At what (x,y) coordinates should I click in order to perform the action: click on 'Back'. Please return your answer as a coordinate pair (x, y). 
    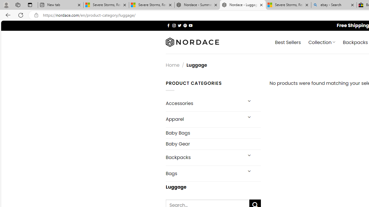
    Looking at the image, I should click on (7, 15).